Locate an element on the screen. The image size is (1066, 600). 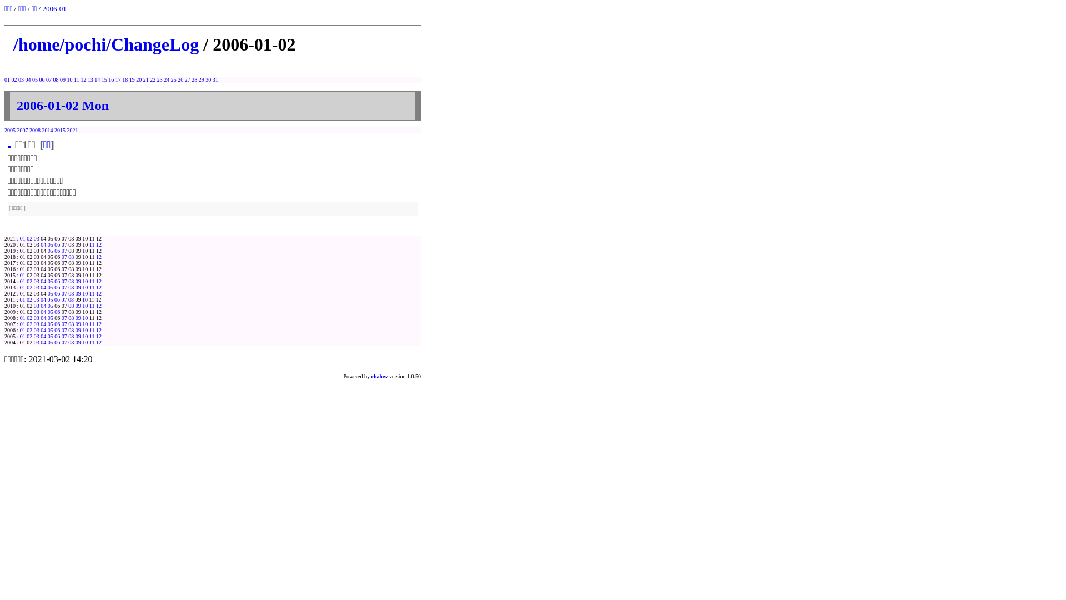
'04' is located at coordinates (43, 336).